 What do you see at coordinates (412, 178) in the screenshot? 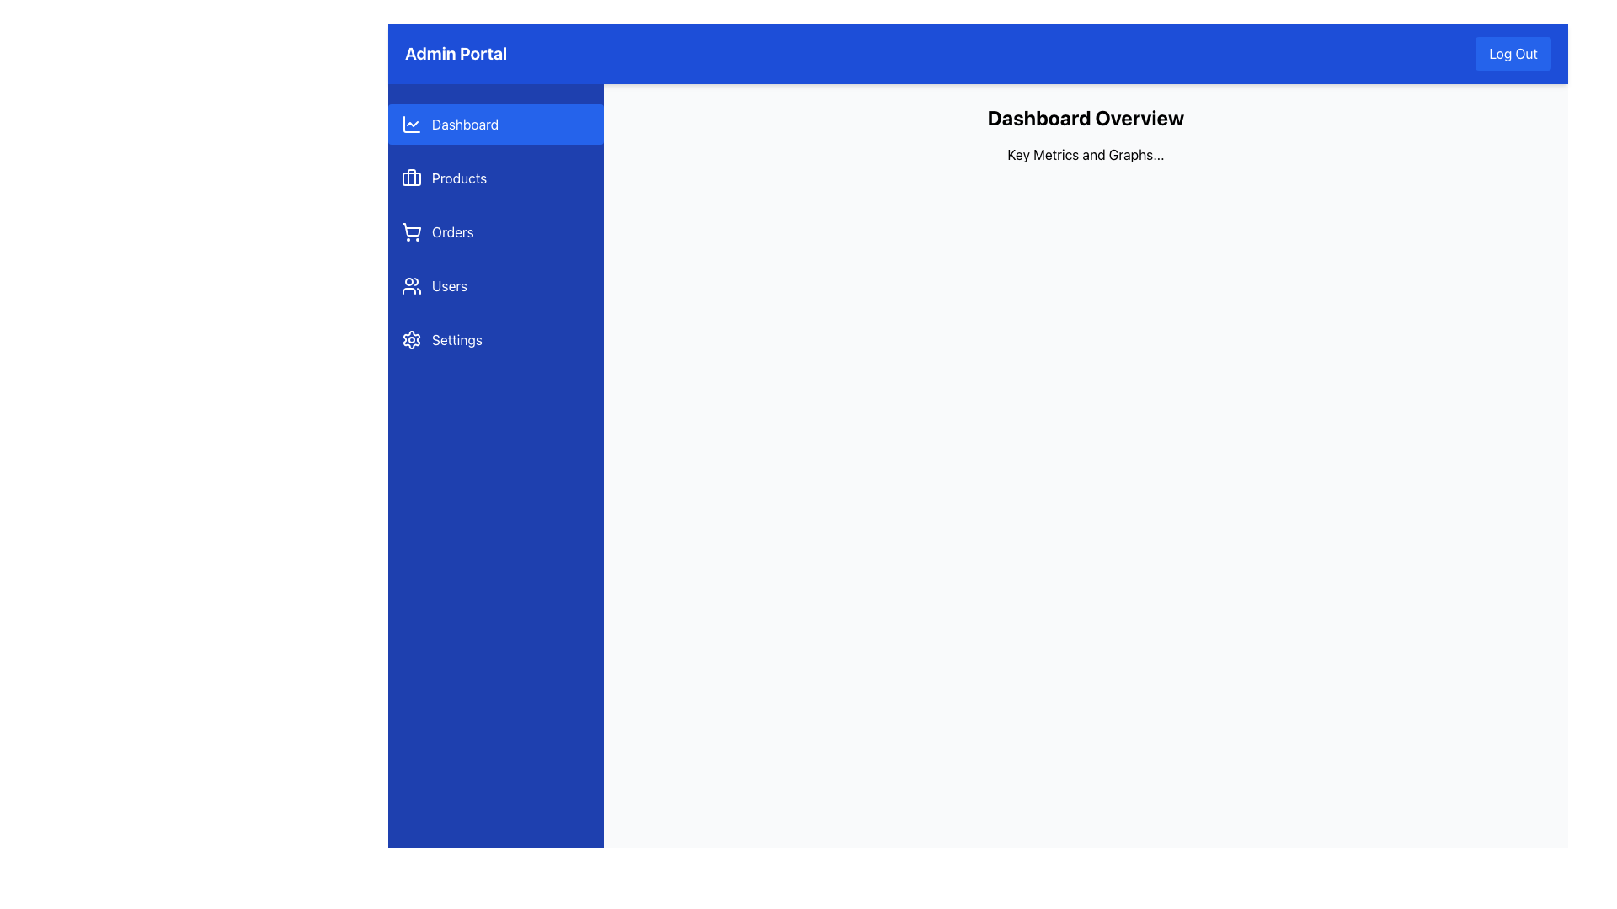
I see `inner part of the briefcase icon located in the second menu item under 'Products' in the navigation bar` at bounding box center [412, 178].